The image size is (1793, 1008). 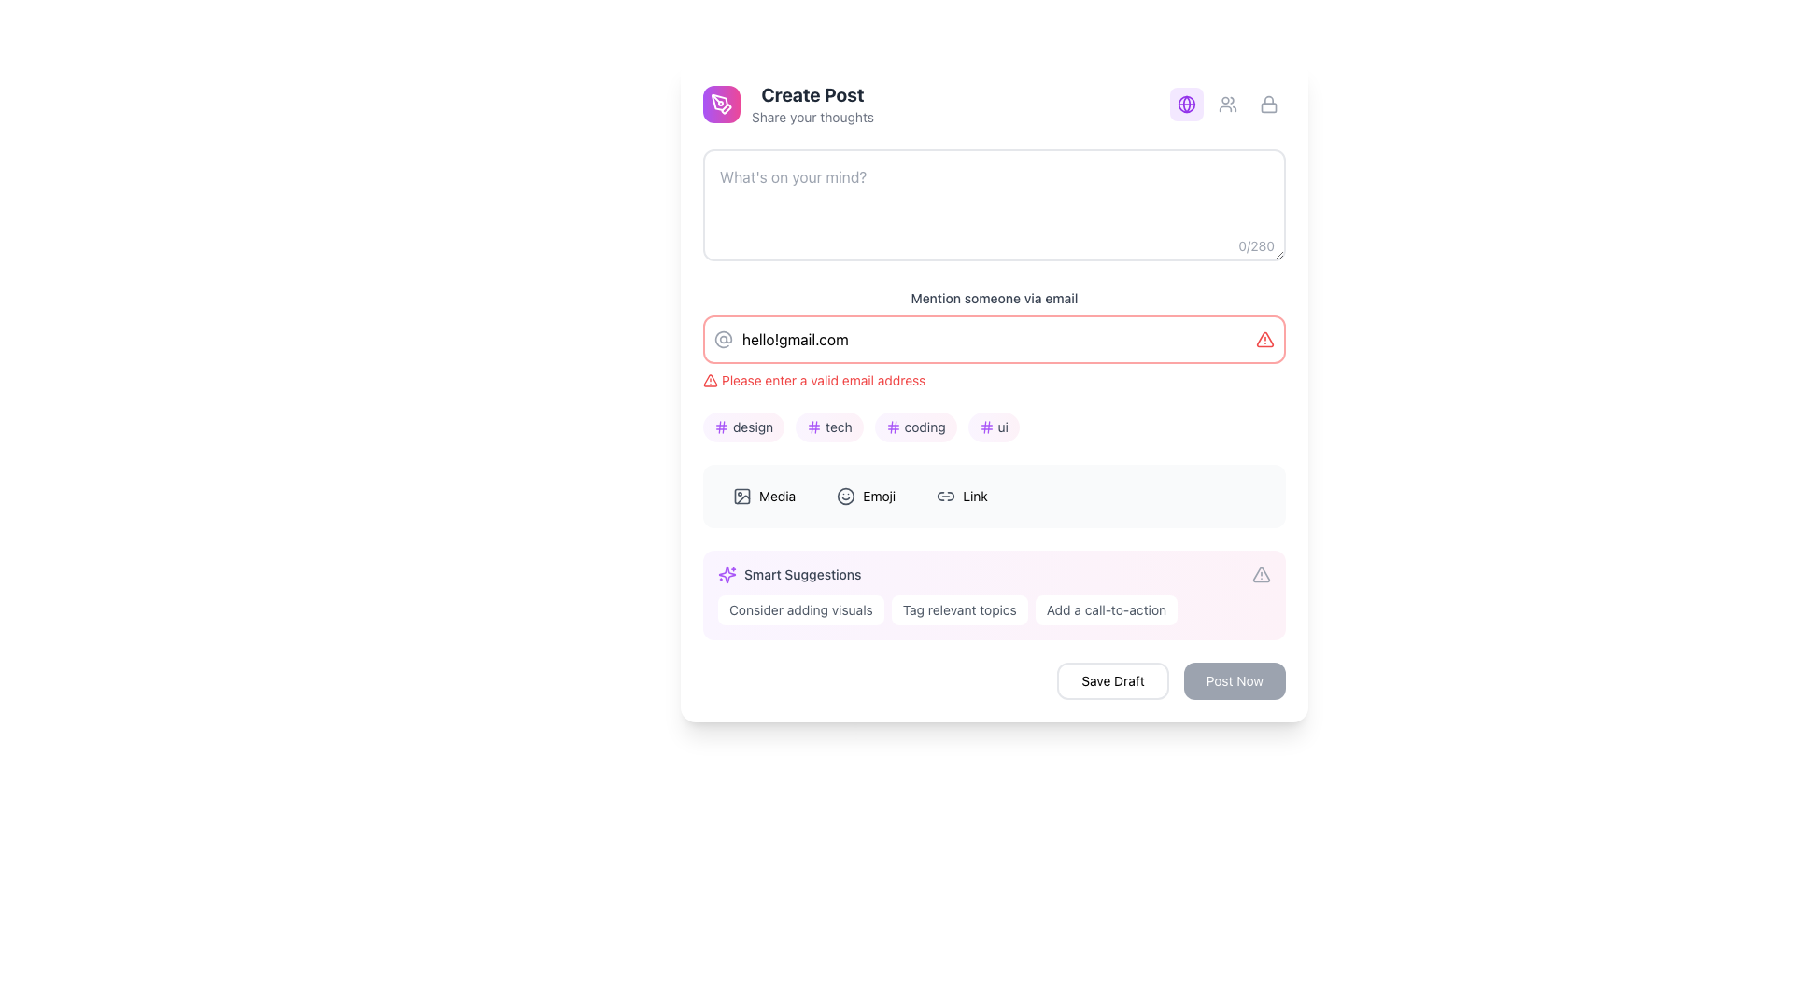 What do you see at coordinates (828, 427) in the screenshot?
I see `the 'tech' button located in the horizontal list of buttons, positioned as the second button from the left, between 'design' and 'coding'` at bounding box center [828, 427].